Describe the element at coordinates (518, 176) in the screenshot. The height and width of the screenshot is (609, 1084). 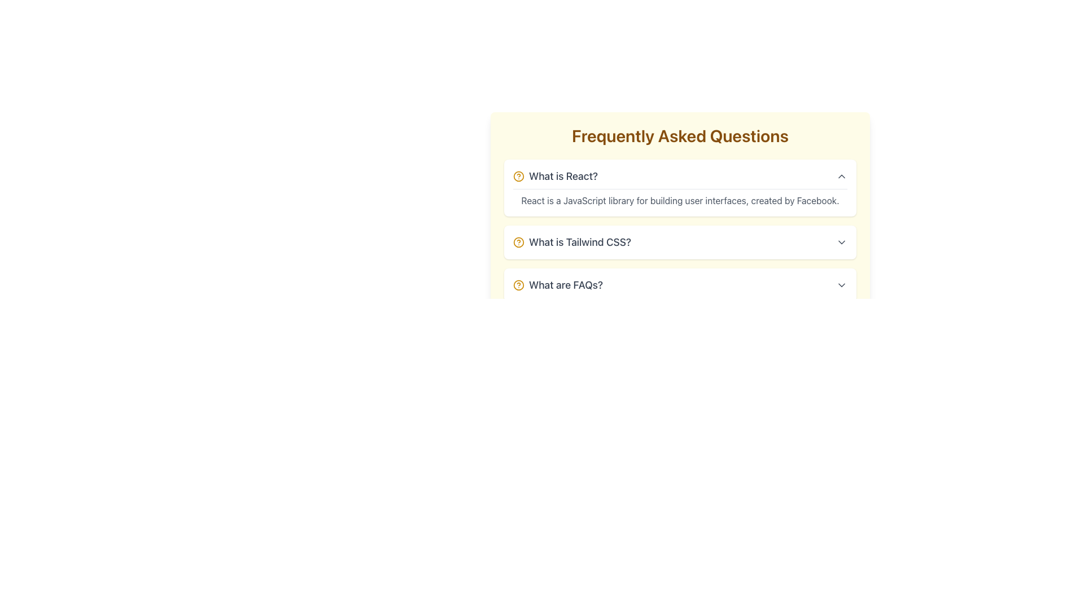
I see `the informational icon associated with the question 'What is React?', which is positioned to the left of the text in the FAQ section` at that location.